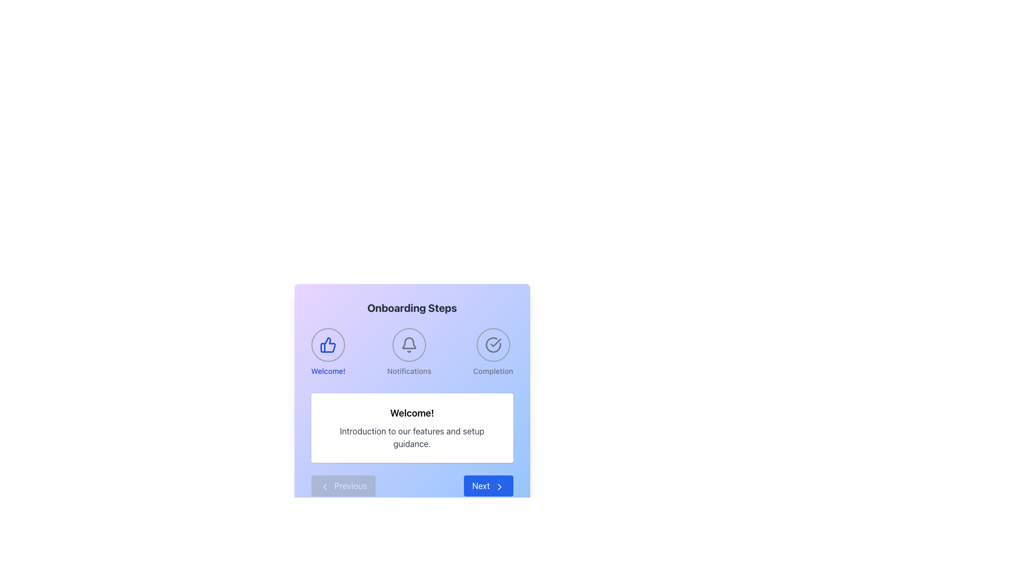 The height and width of the screenshot is (568, 1010). What do you see at coordinates (328, 370) in the screenshot?
I see `the text label displaying 'Welcome!' which is styled with medium font weight and centered alignment, positioned below a thumbs-up circular graphic icon` at bounding box center [328, 370].